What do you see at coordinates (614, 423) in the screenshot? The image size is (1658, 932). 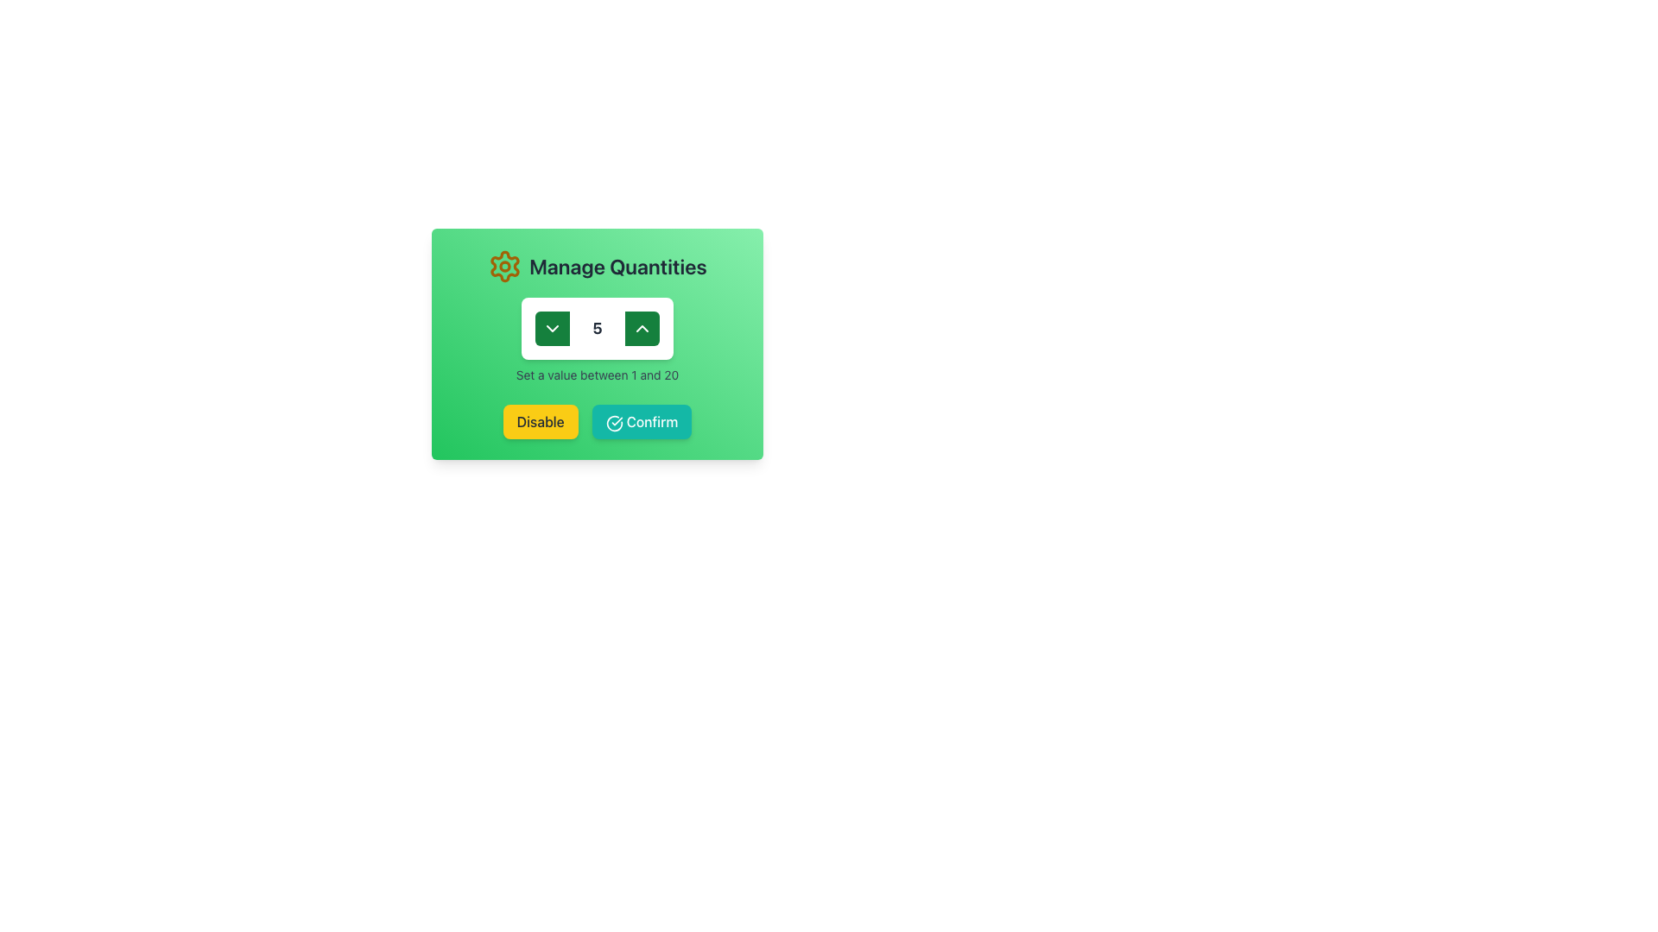 I see `the SVG Icon representing success or confirmation, which is located to the left of the 'Confirm' button in the green card UI` at bounding box center [614, 423].